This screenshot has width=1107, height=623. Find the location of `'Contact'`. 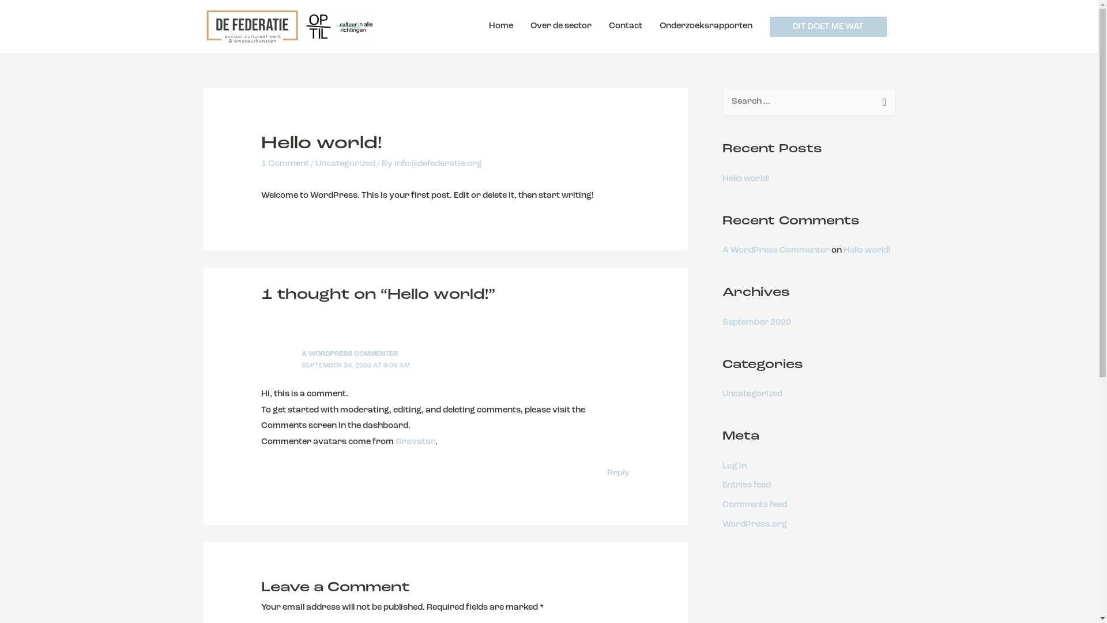

'Contact' is located at coordinates (600, 26).